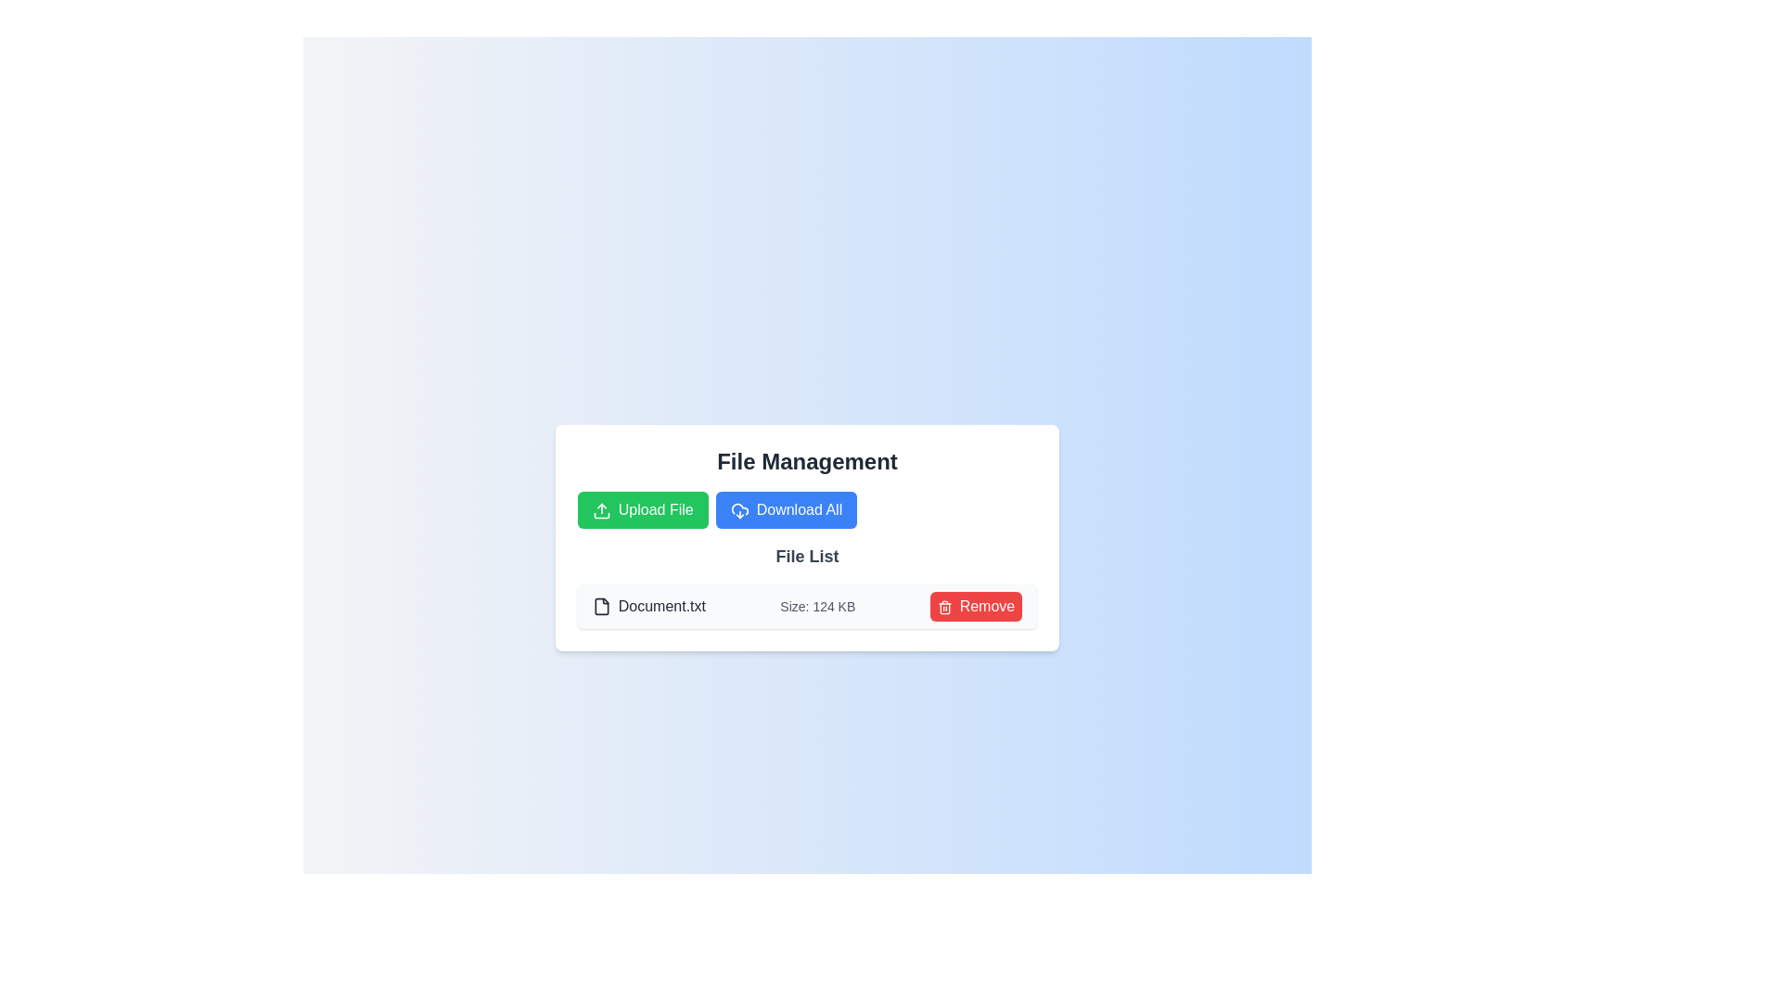 The height and width of the screenshot is (1002, 1781). I want to click on the decorative icon element that forms the base tray of the 'Upload File' button located on the top-left of the file management interface, so click(601, 515).